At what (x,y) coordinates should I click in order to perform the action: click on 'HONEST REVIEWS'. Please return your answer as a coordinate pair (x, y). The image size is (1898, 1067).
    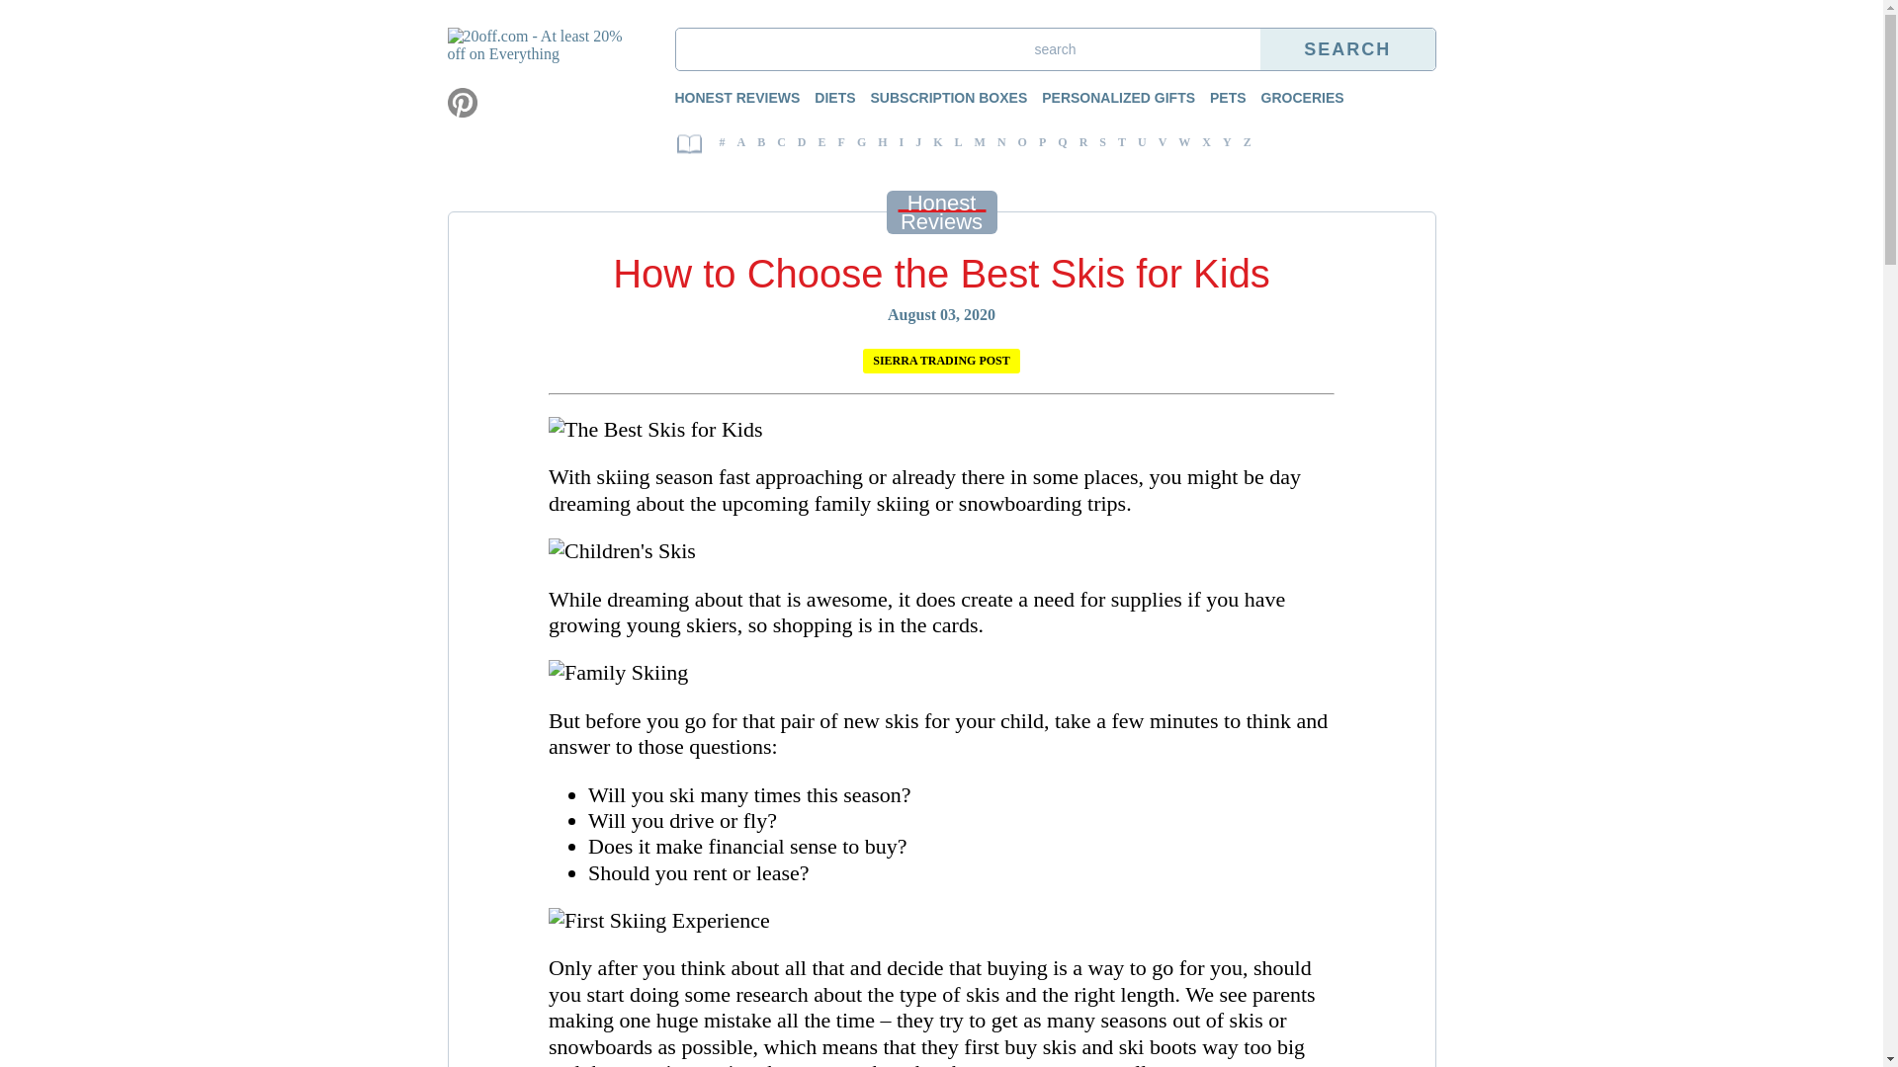
    Looking at the image, I should click on (673, 95).